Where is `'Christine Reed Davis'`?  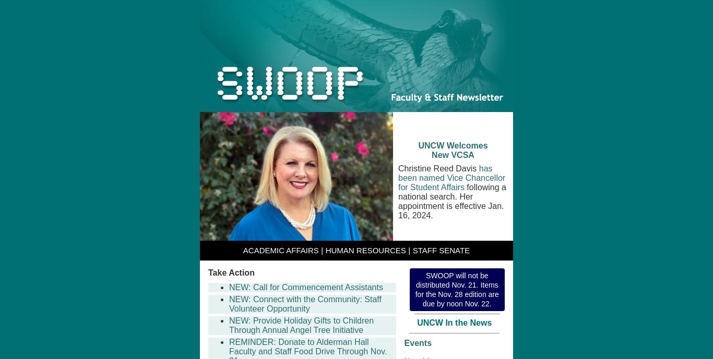 'Christine Reed Davis' is located at coordinates (437, 168).